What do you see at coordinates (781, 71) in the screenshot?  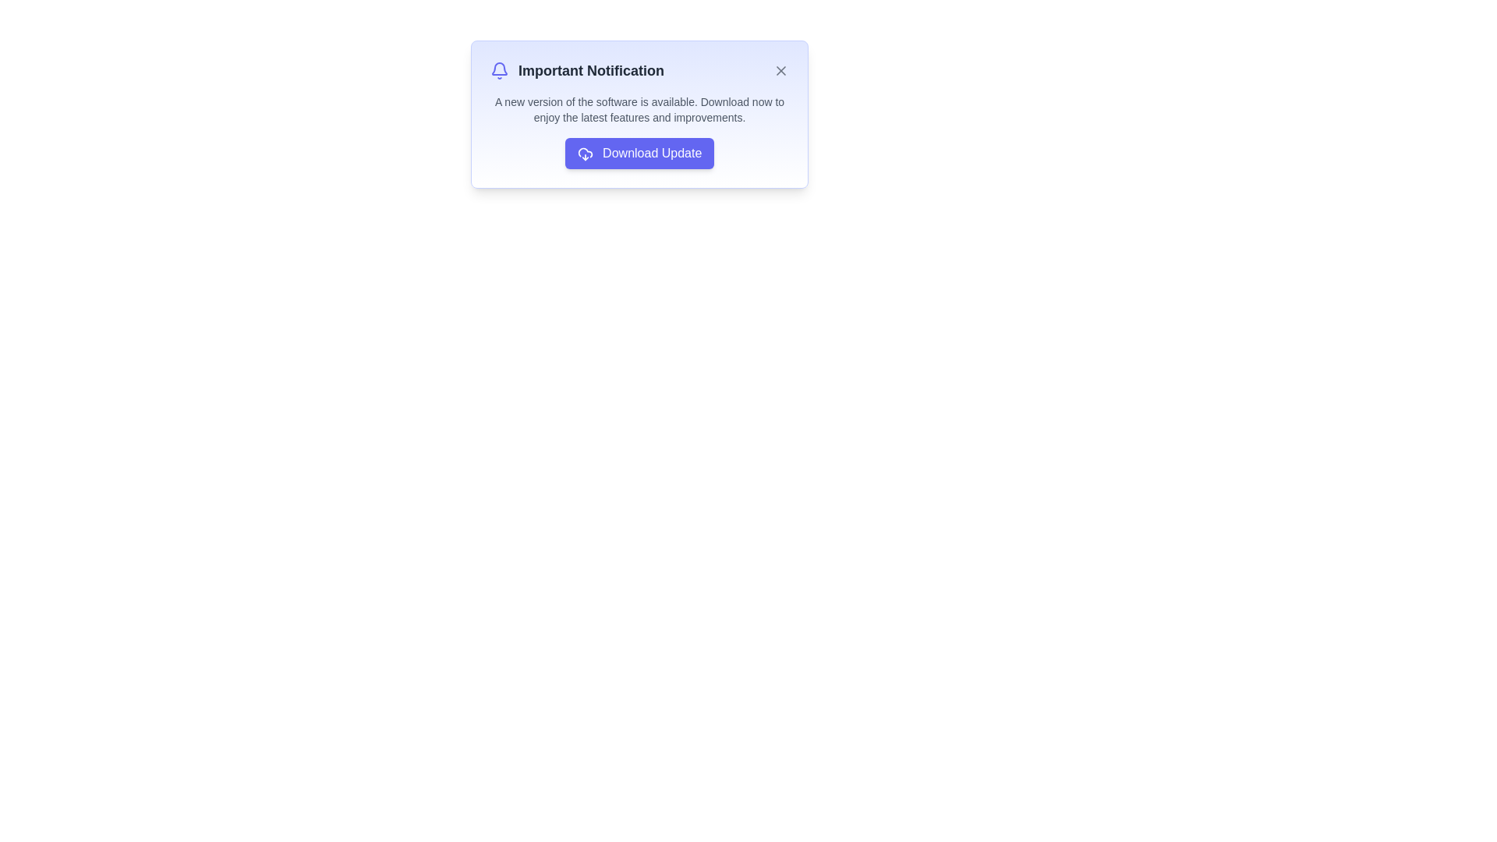 I see `the close button to dismiss the alert` at bounding box center [781, 71].